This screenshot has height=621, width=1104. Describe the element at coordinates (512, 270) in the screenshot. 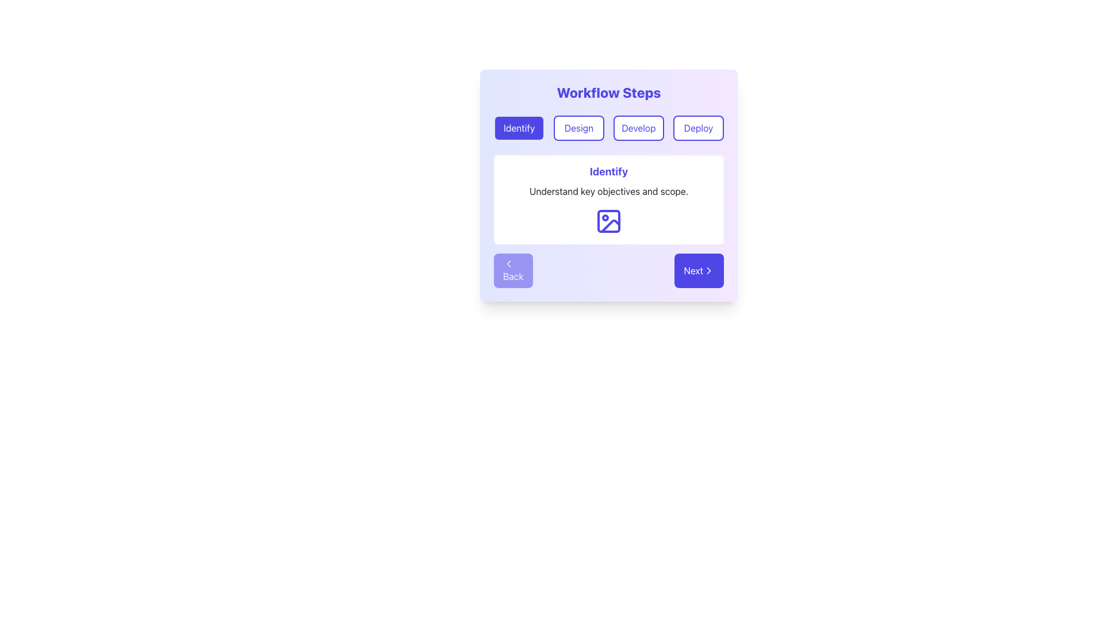

I see `the 'Back' button with a left arrow icon, located at the bottom left corner of the 'Workflow Steps' card` at that location.